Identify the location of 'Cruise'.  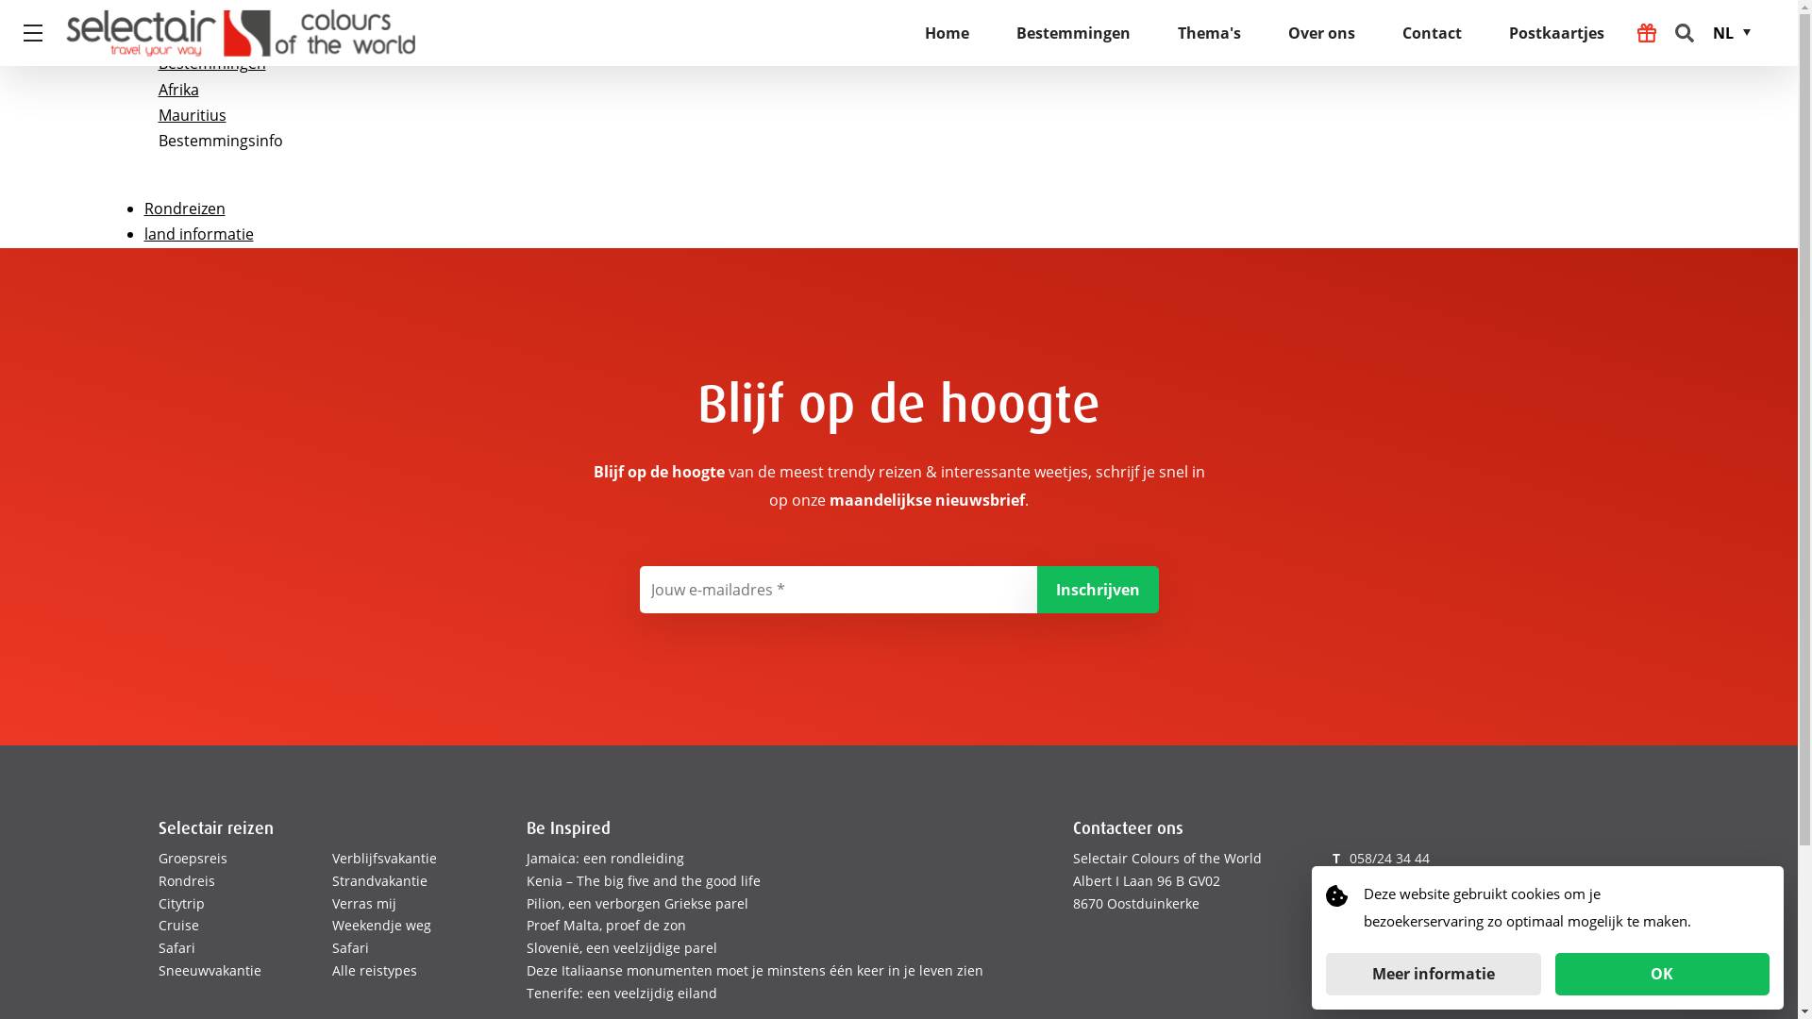
(178, 924).